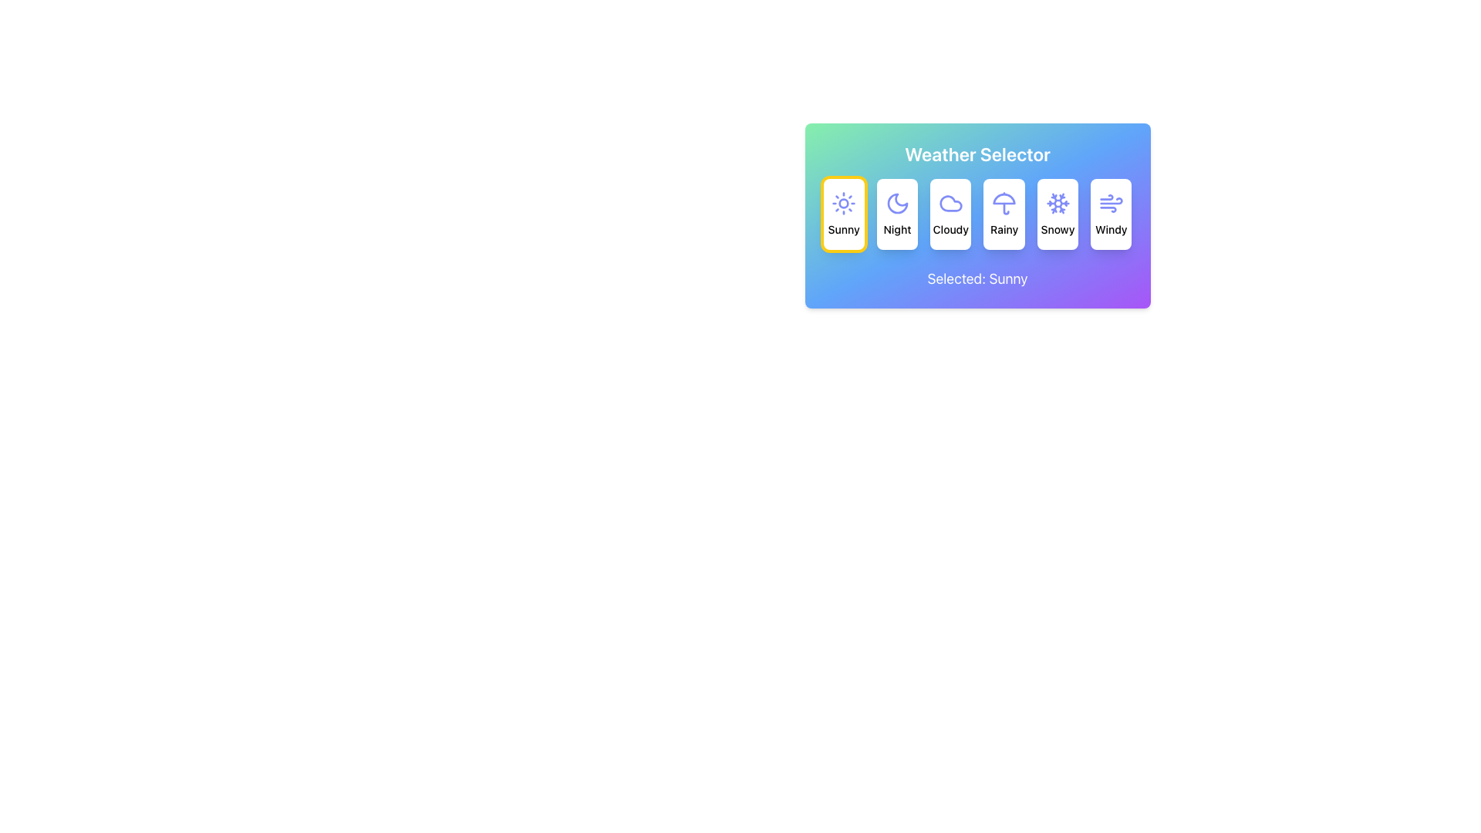 Image resolution: width=1481 pixels, height=833 pixels. Describe the element at coordinates (1004, 229) in the screenshot. I see `the 'Rainy' text label in the weather selector component, which is the fourth option from the left, above the label 'Selected: Sunny'` at that location.